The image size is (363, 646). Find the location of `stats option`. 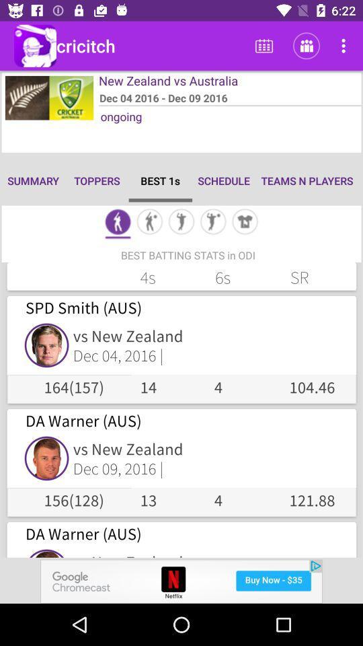

stats option is located at coordinates (182, 223).